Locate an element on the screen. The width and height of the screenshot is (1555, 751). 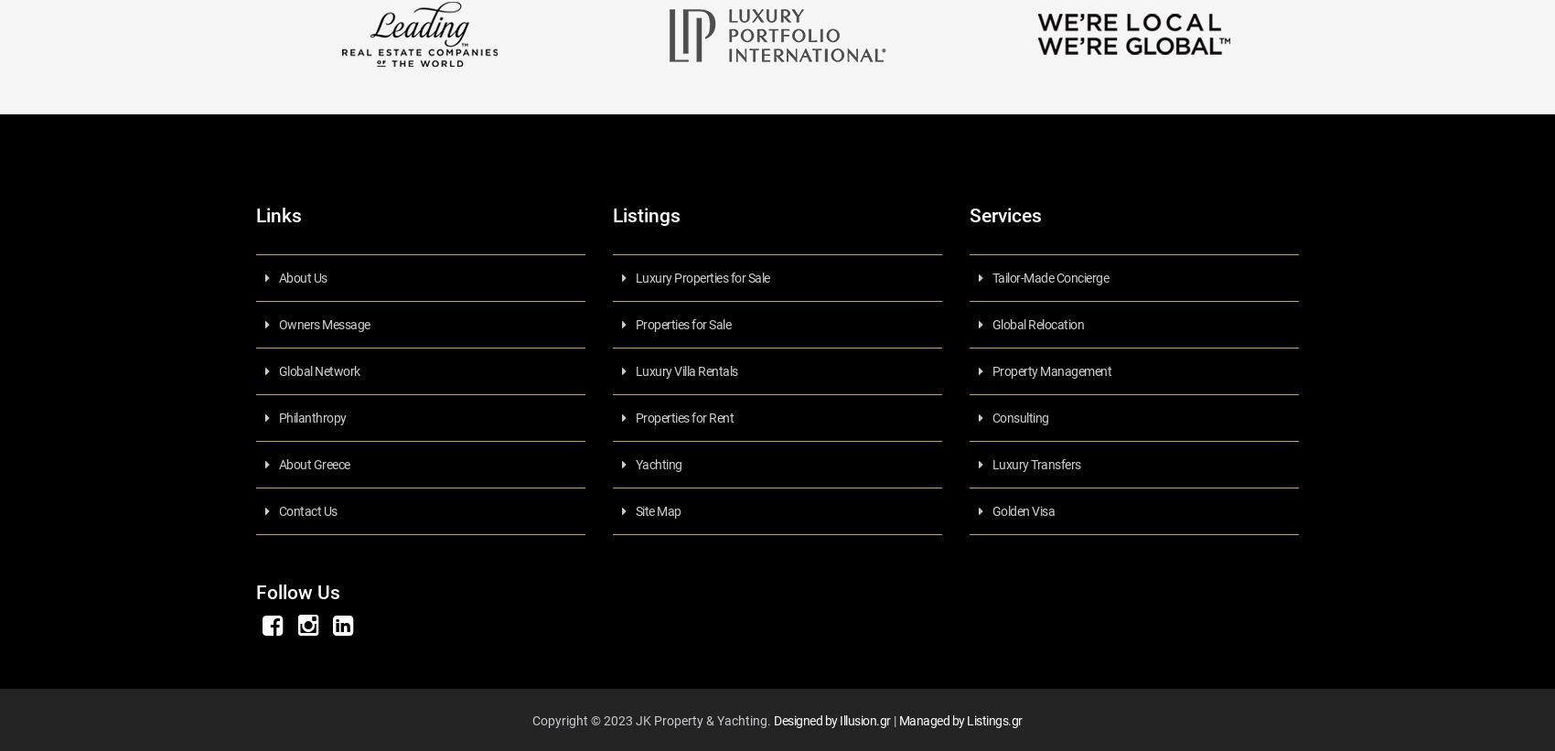
'Listings' is located at coordinates (612, 214).